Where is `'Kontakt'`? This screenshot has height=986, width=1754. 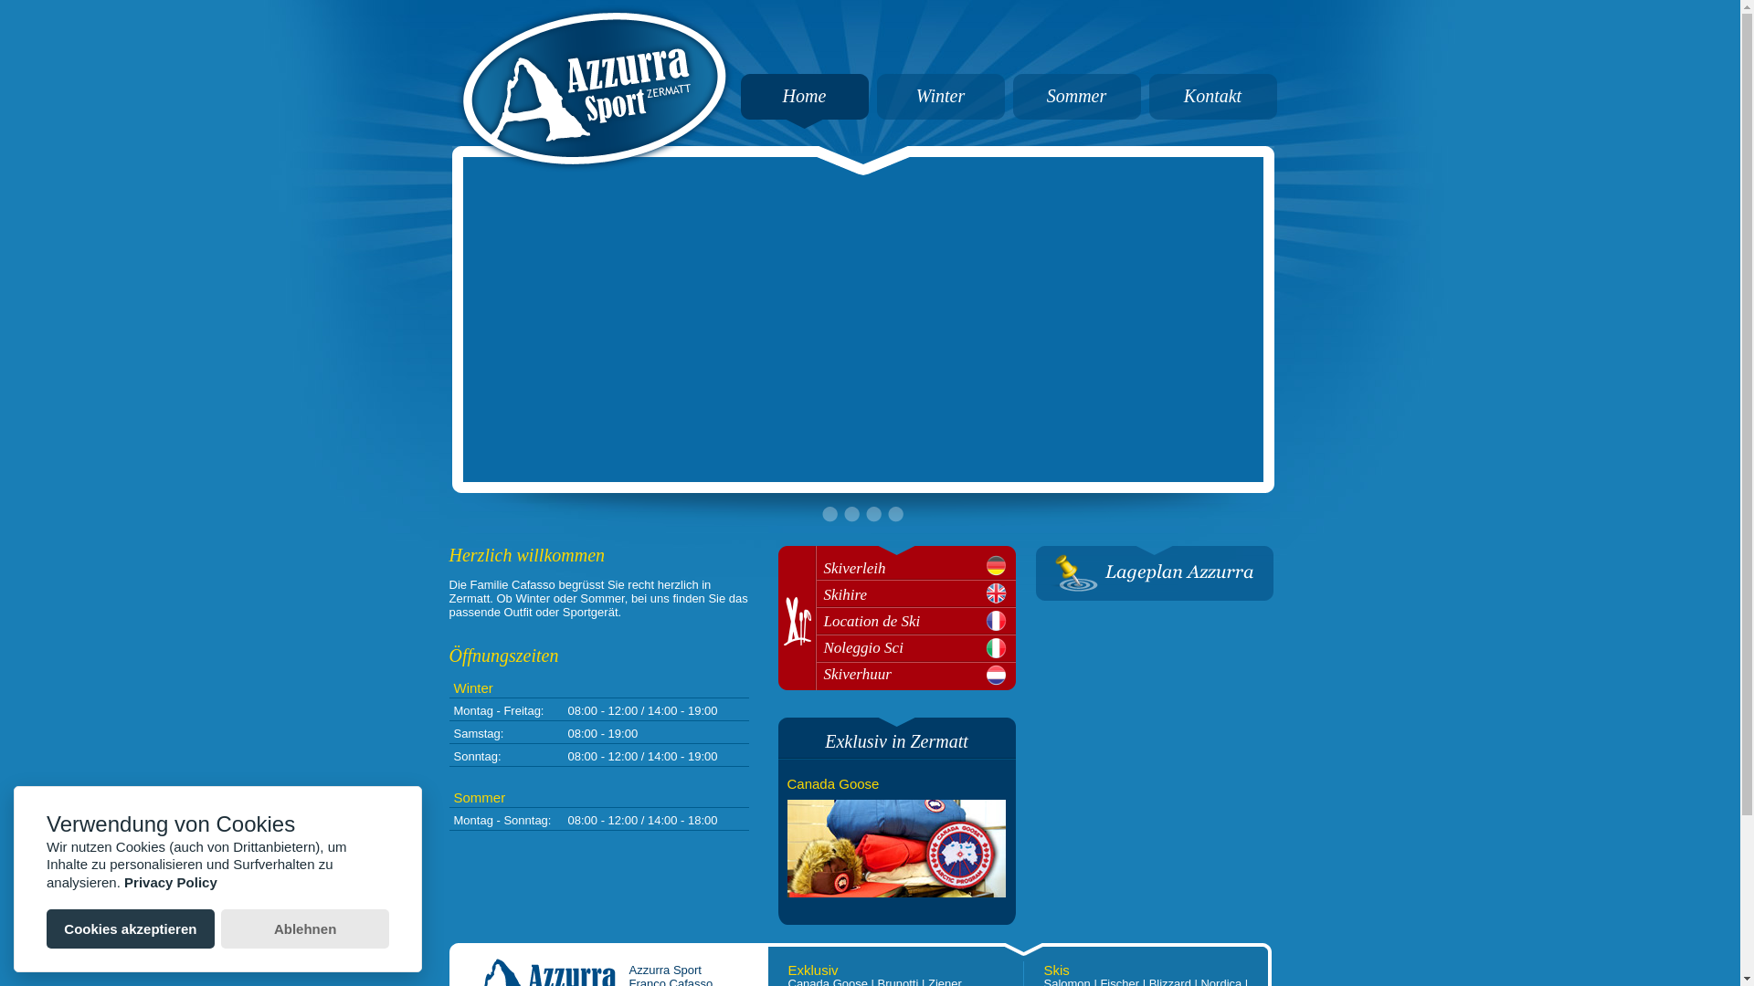
'Kontakt' is located at coordinates (1213, 111).